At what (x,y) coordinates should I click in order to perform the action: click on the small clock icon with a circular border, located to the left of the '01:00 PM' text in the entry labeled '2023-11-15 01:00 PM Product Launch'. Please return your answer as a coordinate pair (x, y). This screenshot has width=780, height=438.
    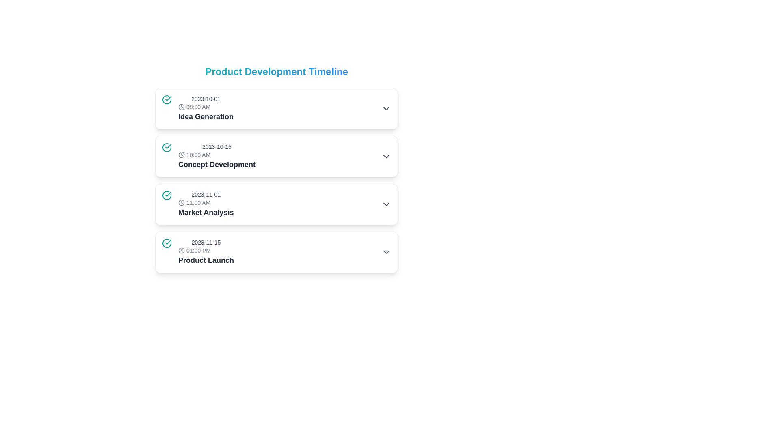
    Looking at the image, I should click on (181, 250).